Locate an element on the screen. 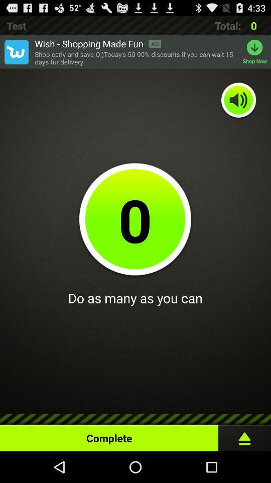  shop early and icon is located at coordinates (135, 58).